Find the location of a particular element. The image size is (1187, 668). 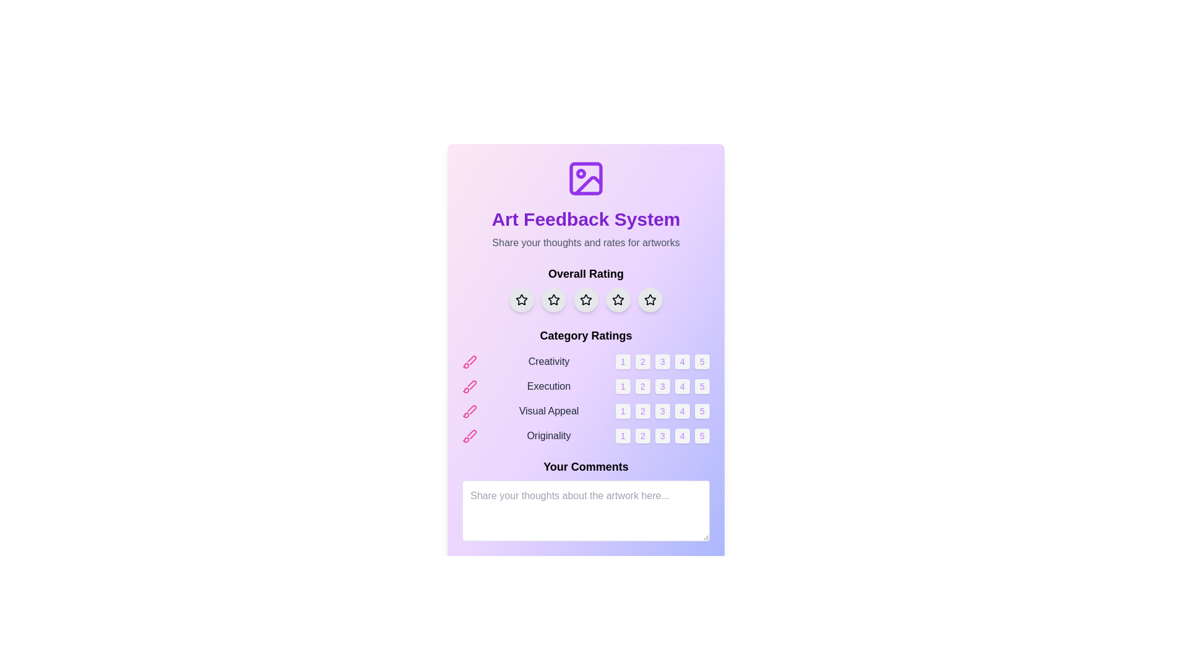

the number 1 in the 'Visual Appeal12345' rating selector to rate with the lowest score is located at coordinates (585, 411).